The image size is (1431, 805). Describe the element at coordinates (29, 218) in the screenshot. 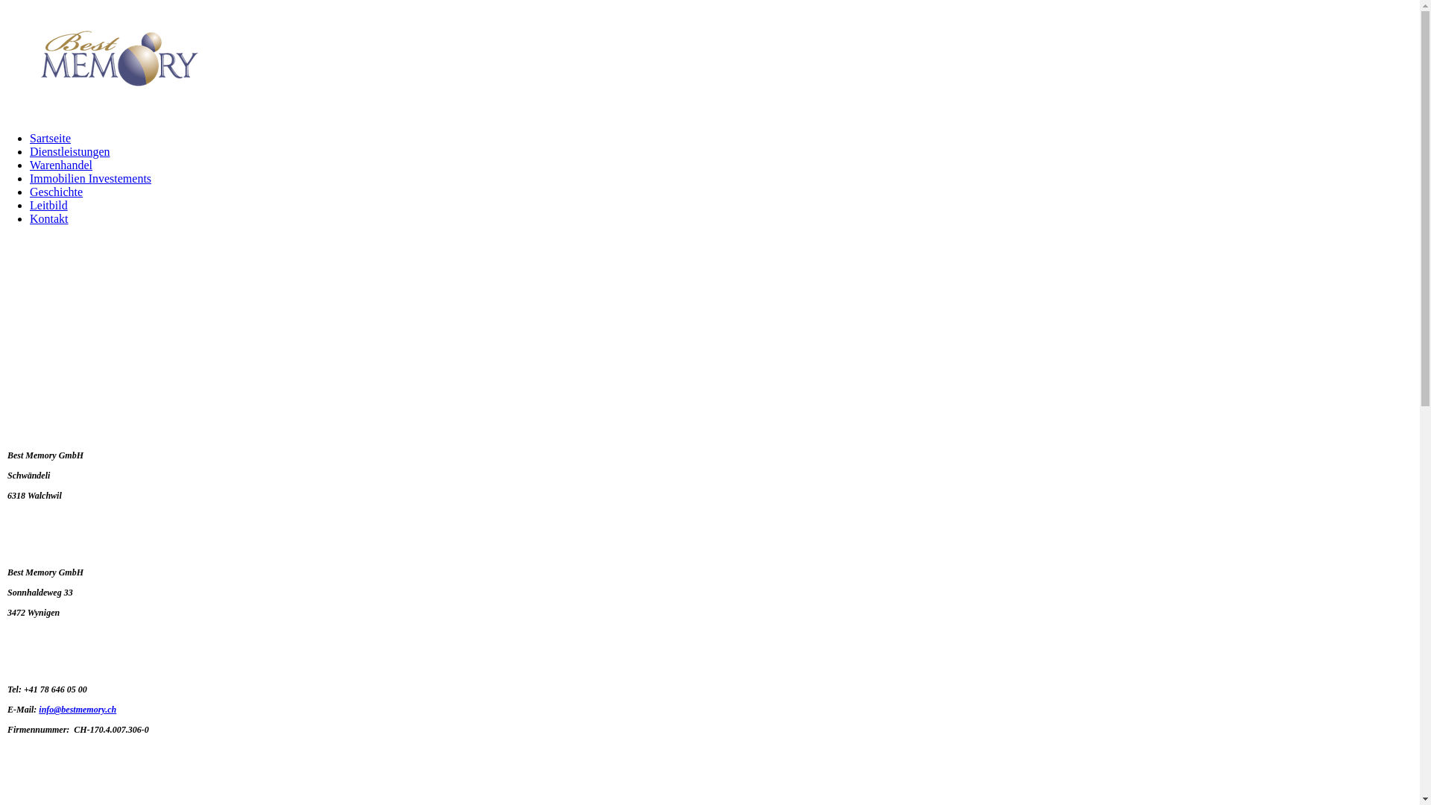

I see `'Kontakt'` at that location.